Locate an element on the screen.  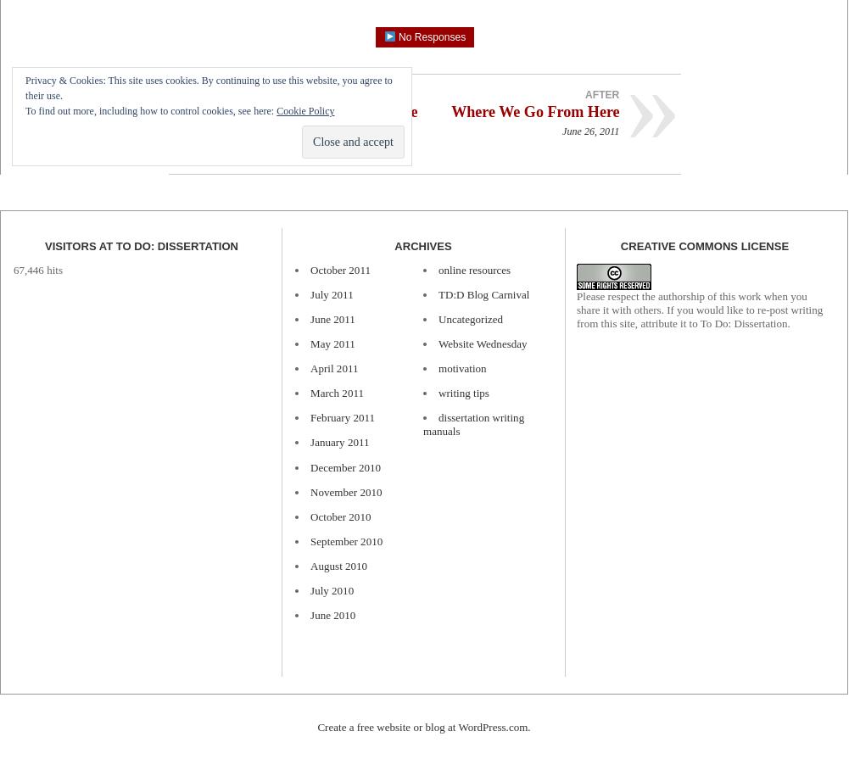
'Cookie Policy' is located at coordinates (304, 110).